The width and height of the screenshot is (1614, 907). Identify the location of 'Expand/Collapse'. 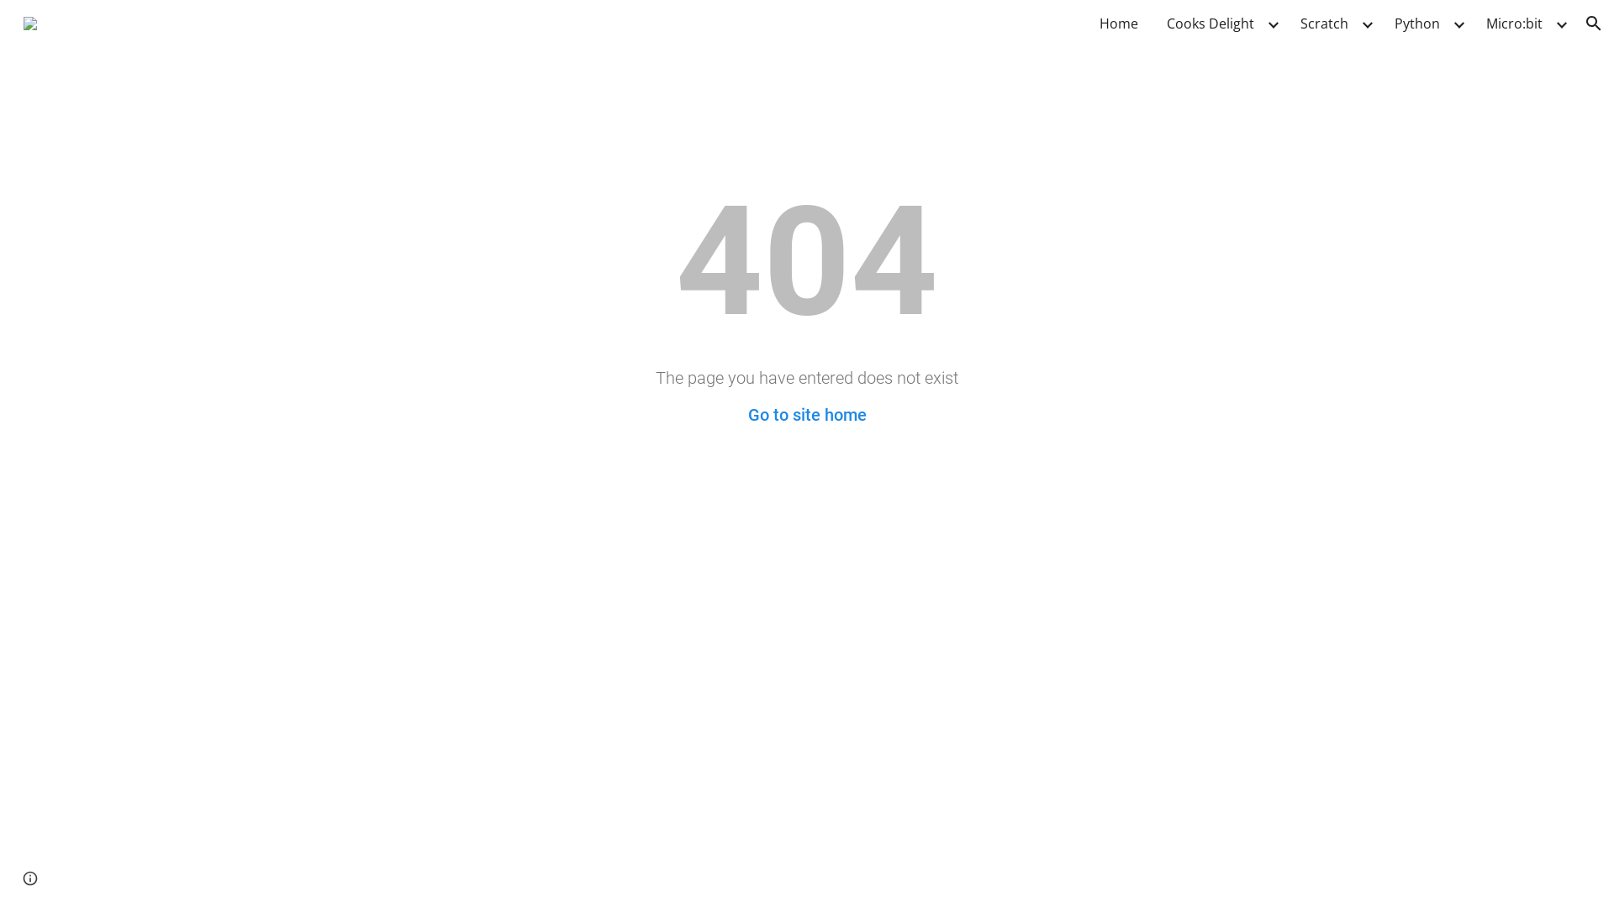
(1272, 23).